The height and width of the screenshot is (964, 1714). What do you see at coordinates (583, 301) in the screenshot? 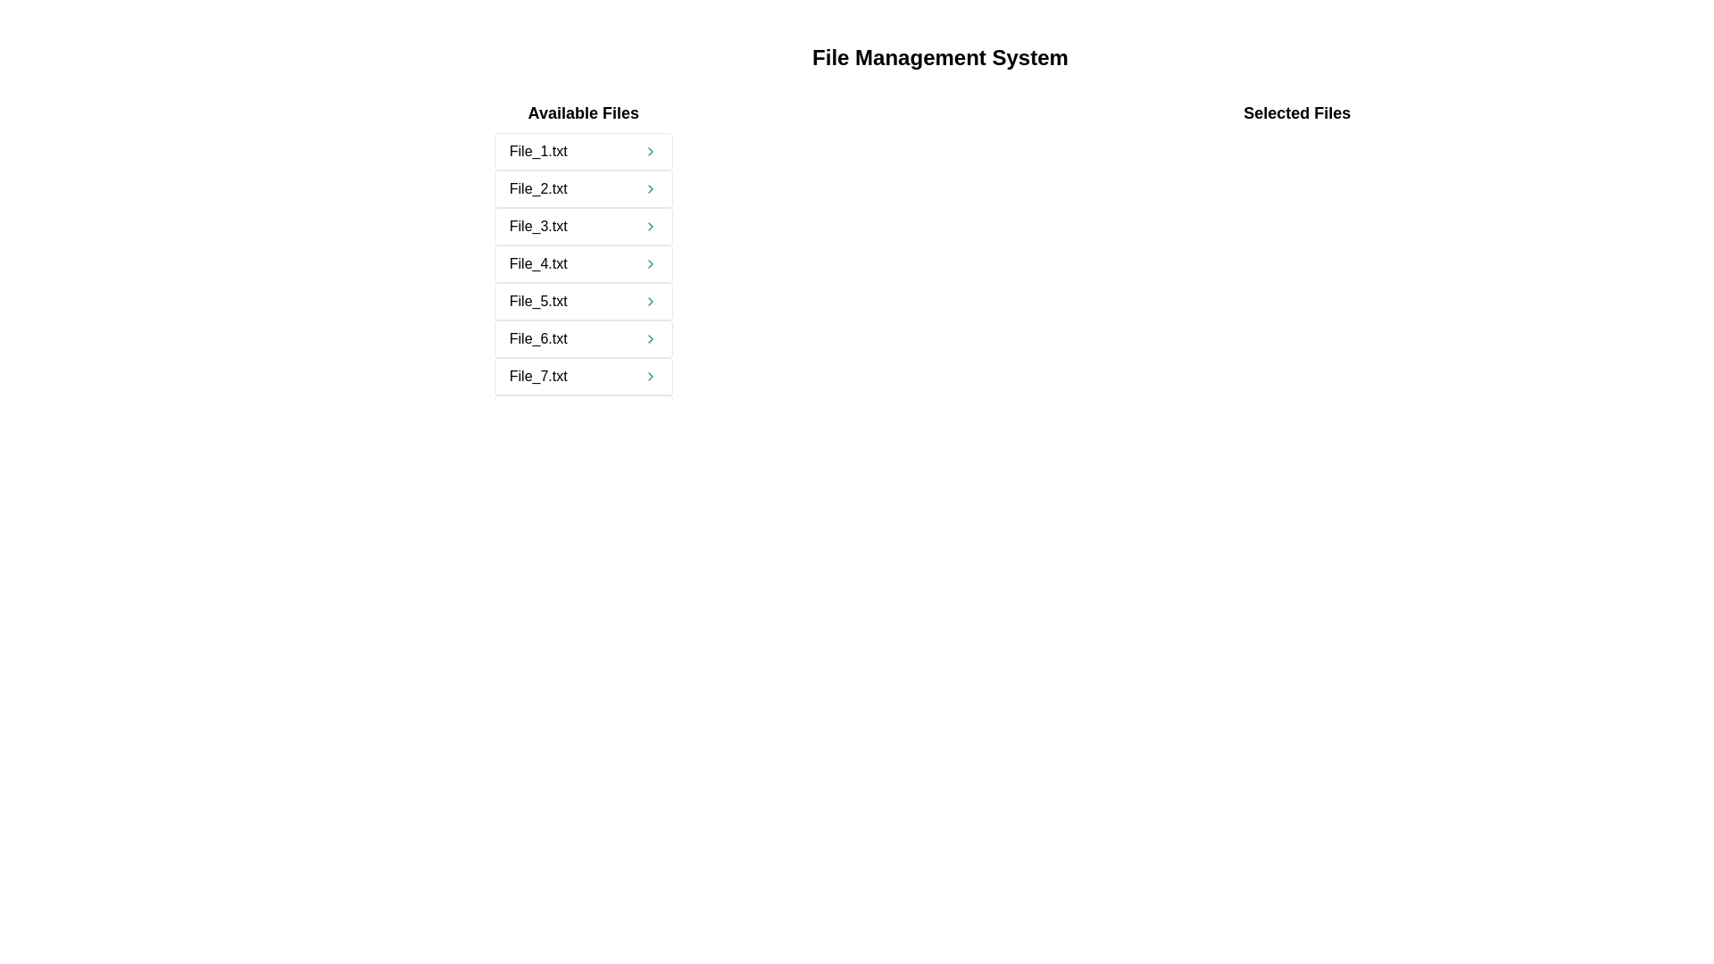
I see `the fifth item in the 'Available Files' list representing the file 'File_5.txt'` at bounding box center [583, 301].